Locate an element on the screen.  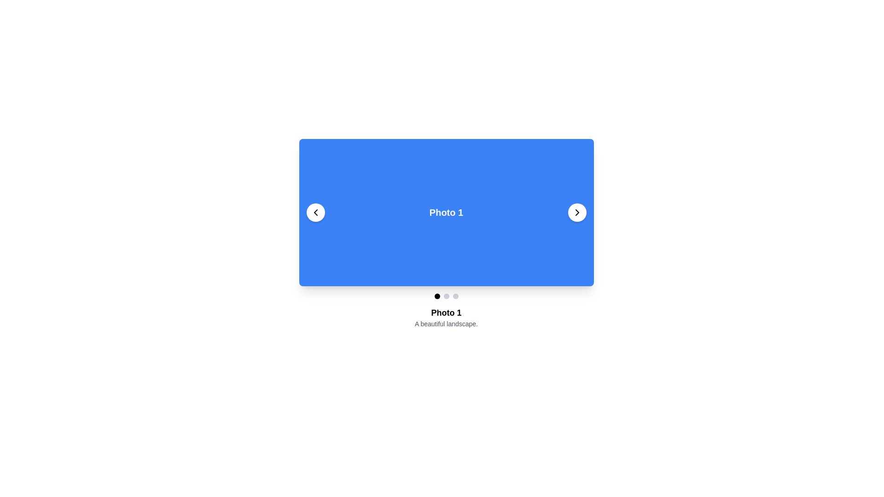
the third circular Carousel navigation dot, which is light gray and located below the main content area displaying 'Photo 1' is located at coordinates (455, 296).